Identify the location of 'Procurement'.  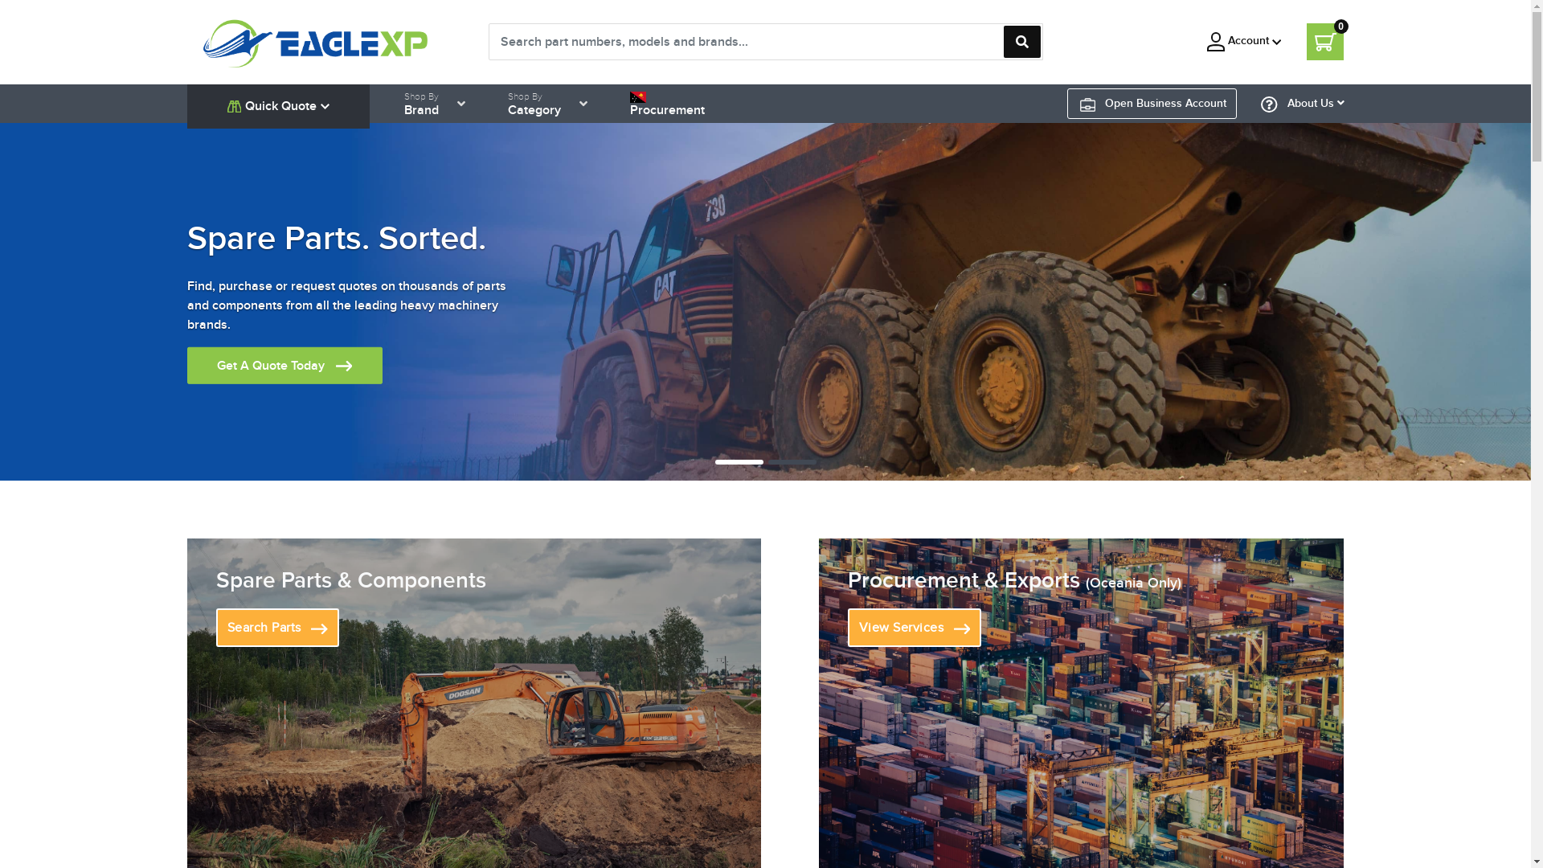
(667, 103).